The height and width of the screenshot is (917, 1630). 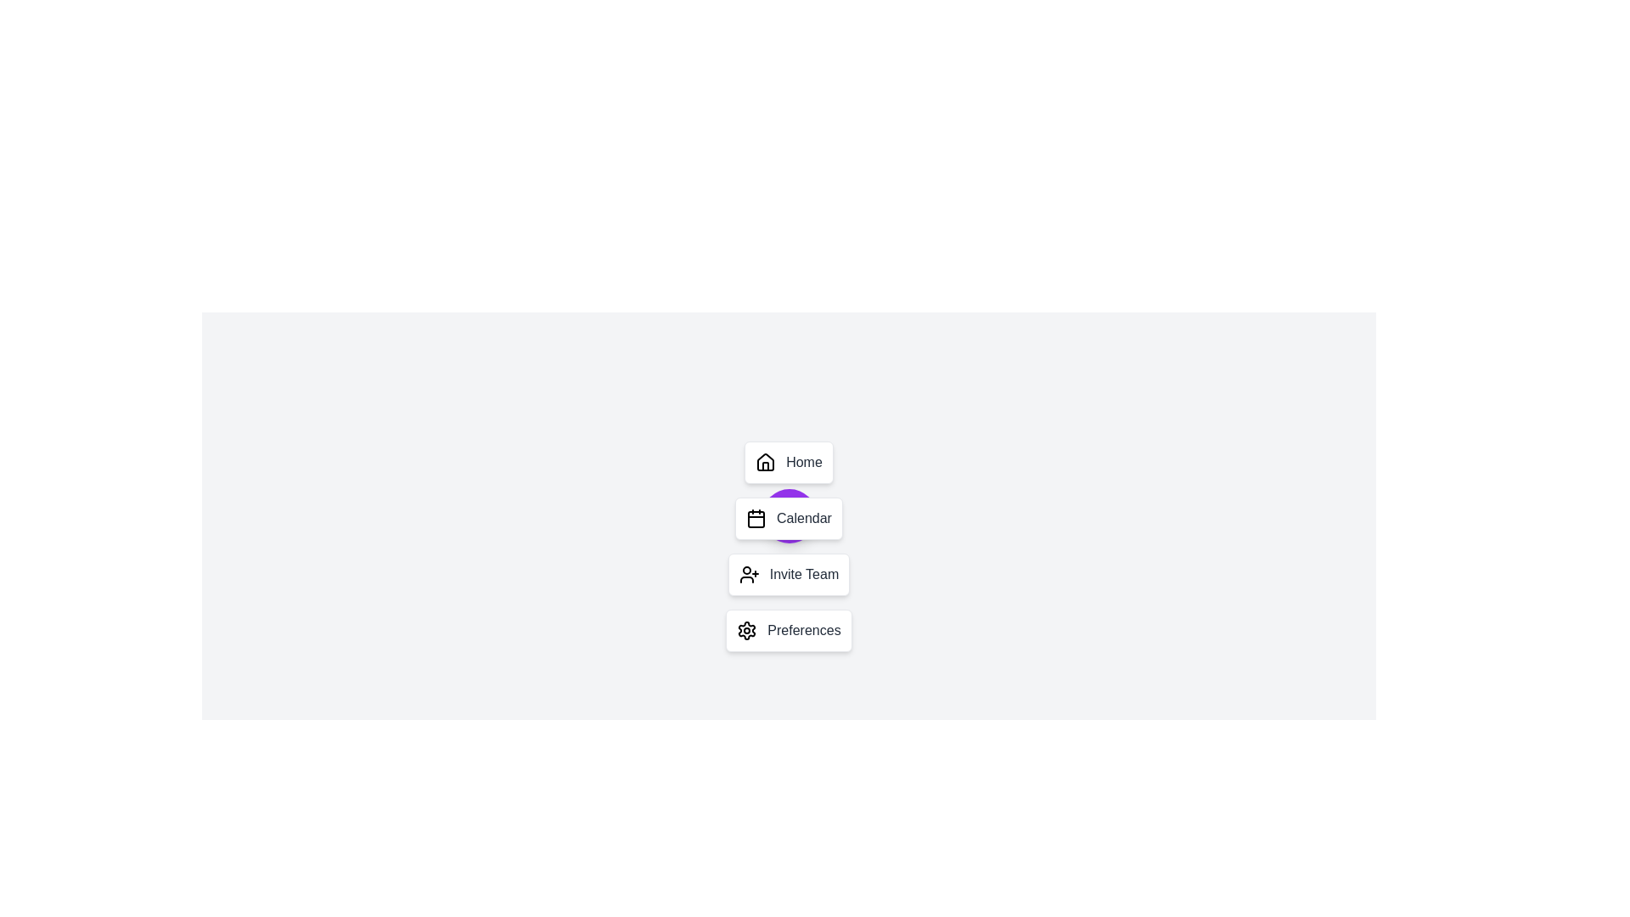 What do you see at coordinates (788, 515) in the screenshot?
I see `the navigation button located centrally within the interface, positioned between the 'Home' and 'Calendar' buttons, for accessibility navigation` at bounding box center [788, 515].